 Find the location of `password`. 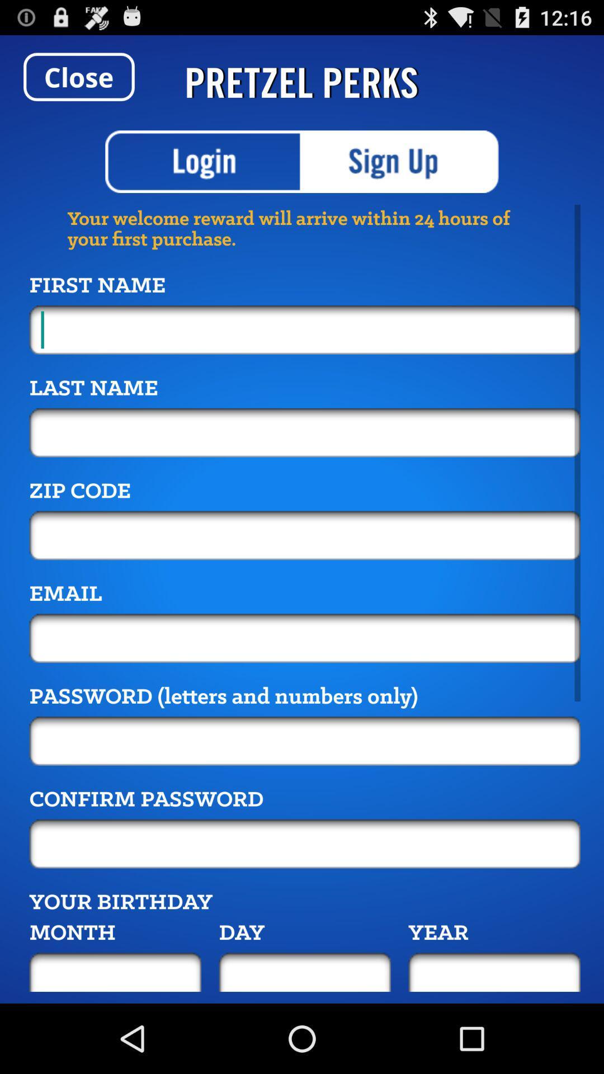

password is located at coordinates (305, 741).